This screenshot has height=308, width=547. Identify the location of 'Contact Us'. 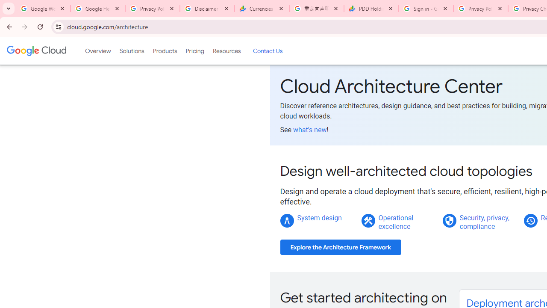
(267, 51).